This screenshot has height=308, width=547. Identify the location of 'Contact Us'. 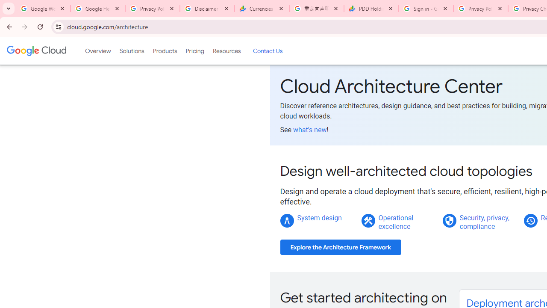
(267, 51).